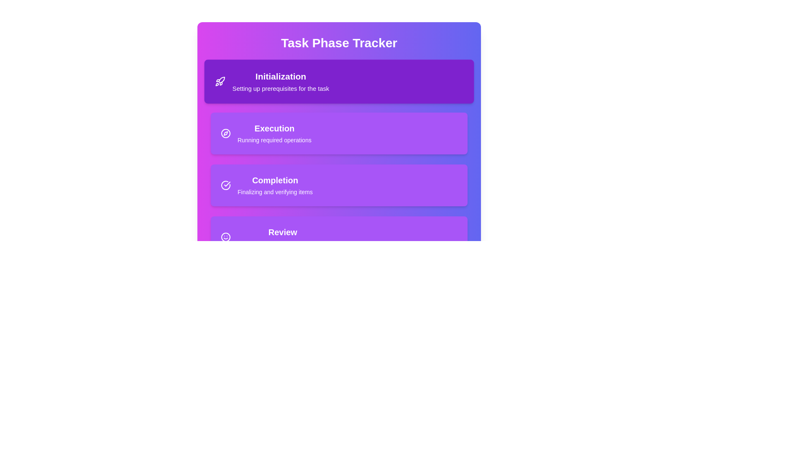  Describe the element at coordinates (225, 237) in the screenshot. I see `the circular outline element of the smiling face icon located at the bottom-left corner of the interface` at that location.